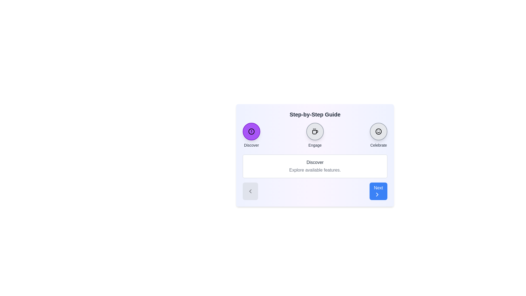 This screenshot has height=296, width=526. What do you see at coordinates (315, 170) in the screenshot?
I see `the text display that reads 'Explore available features.' which is styled with gray color and located within a white-bordered card, immediately below the text 'Discover'` at bounding box center [315, 170].